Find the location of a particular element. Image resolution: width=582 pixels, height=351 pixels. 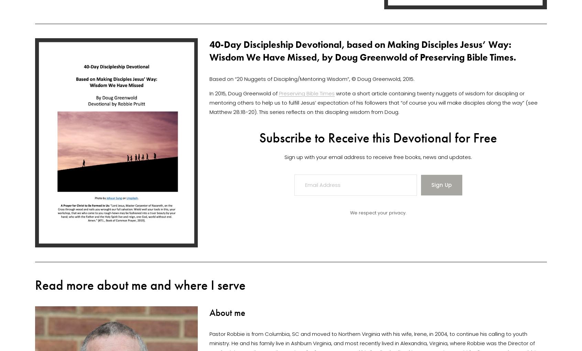

'Sign Up' is located at coordinates (431, 184).